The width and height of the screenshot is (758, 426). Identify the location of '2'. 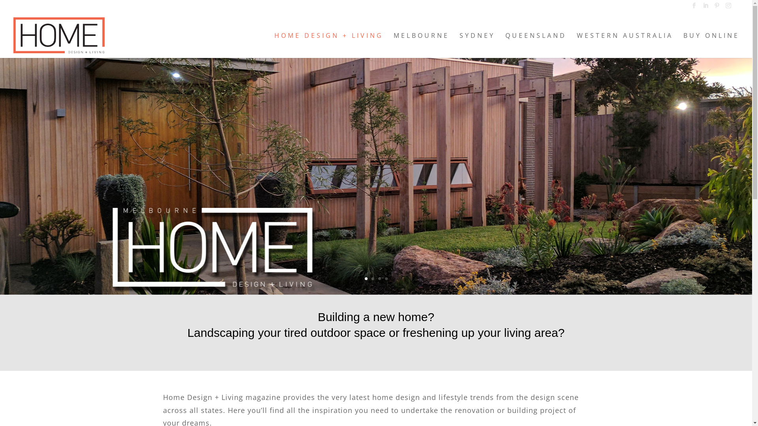
(372, 278).